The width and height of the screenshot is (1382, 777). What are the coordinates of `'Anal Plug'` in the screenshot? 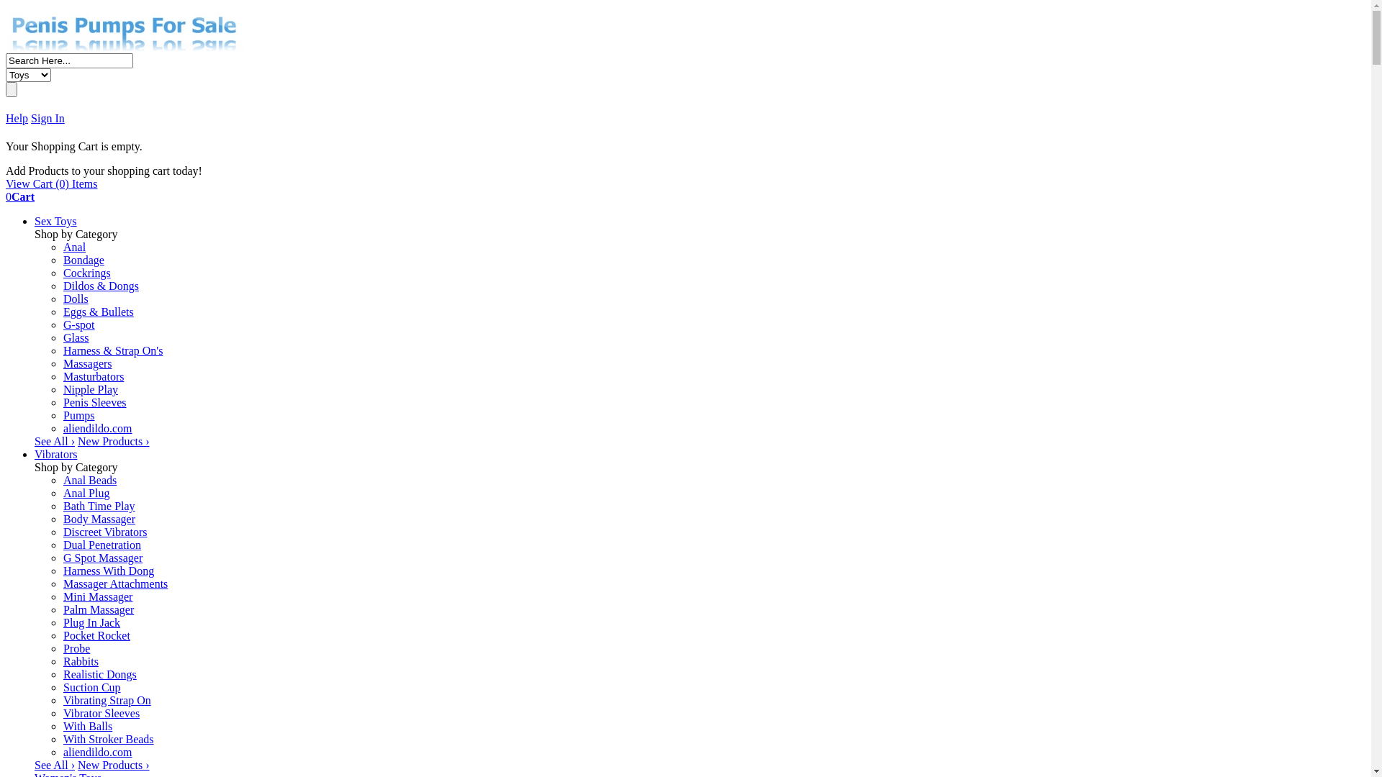 It's located at (86, 492).